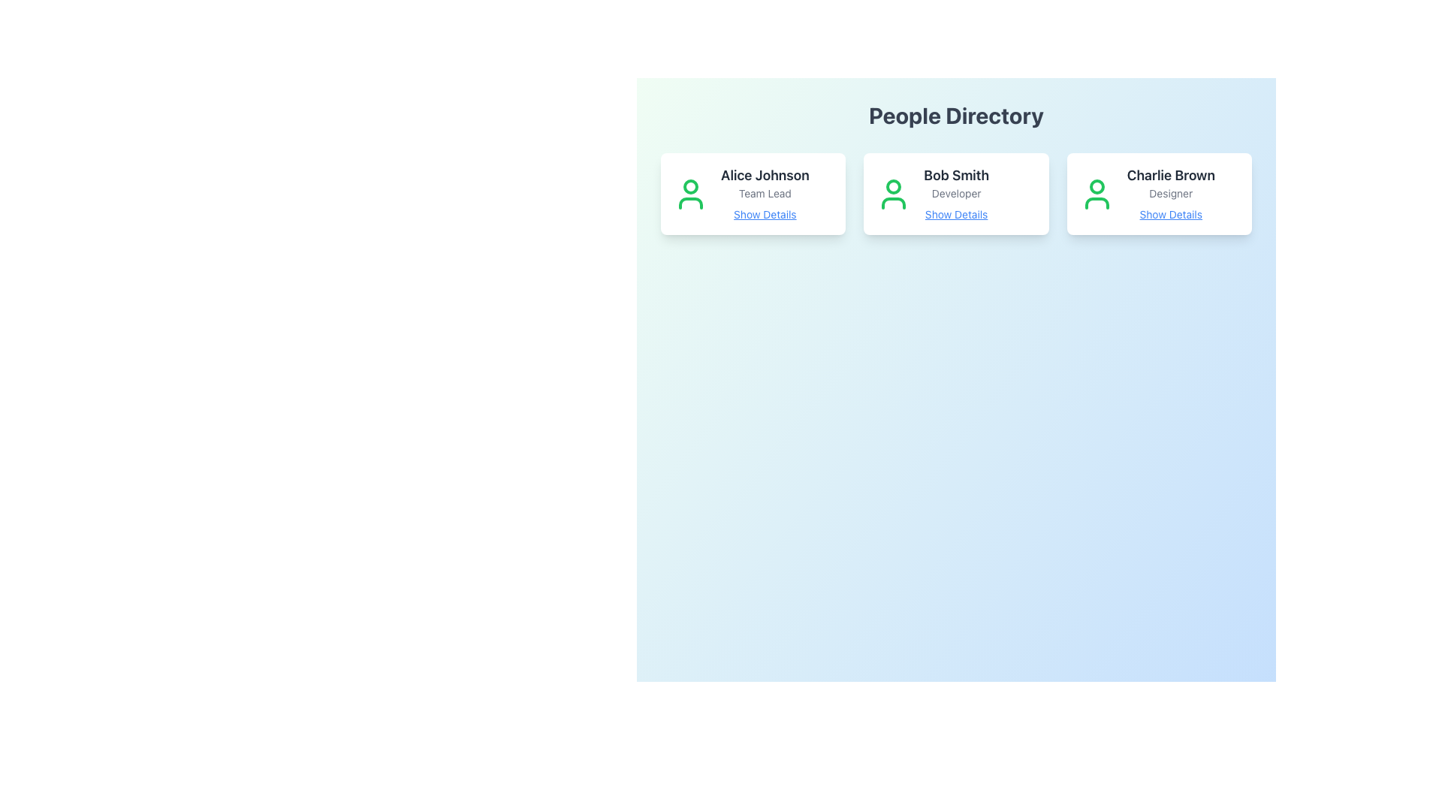  Describe the element at coordinates (690, 185) in the screenshot. I see `the decorative user profile icon representing 'Alice Johnson' in the leftmost profile card of the 'People Directory' section` at that location.